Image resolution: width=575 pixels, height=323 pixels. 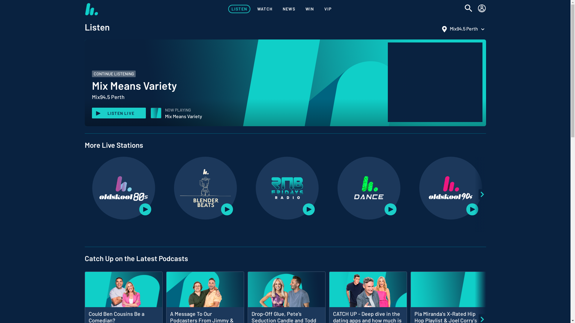 What do you see at coordinates (328, 9) in the screenshot?
I see `'VIP'` at bounding box center [328, 9].